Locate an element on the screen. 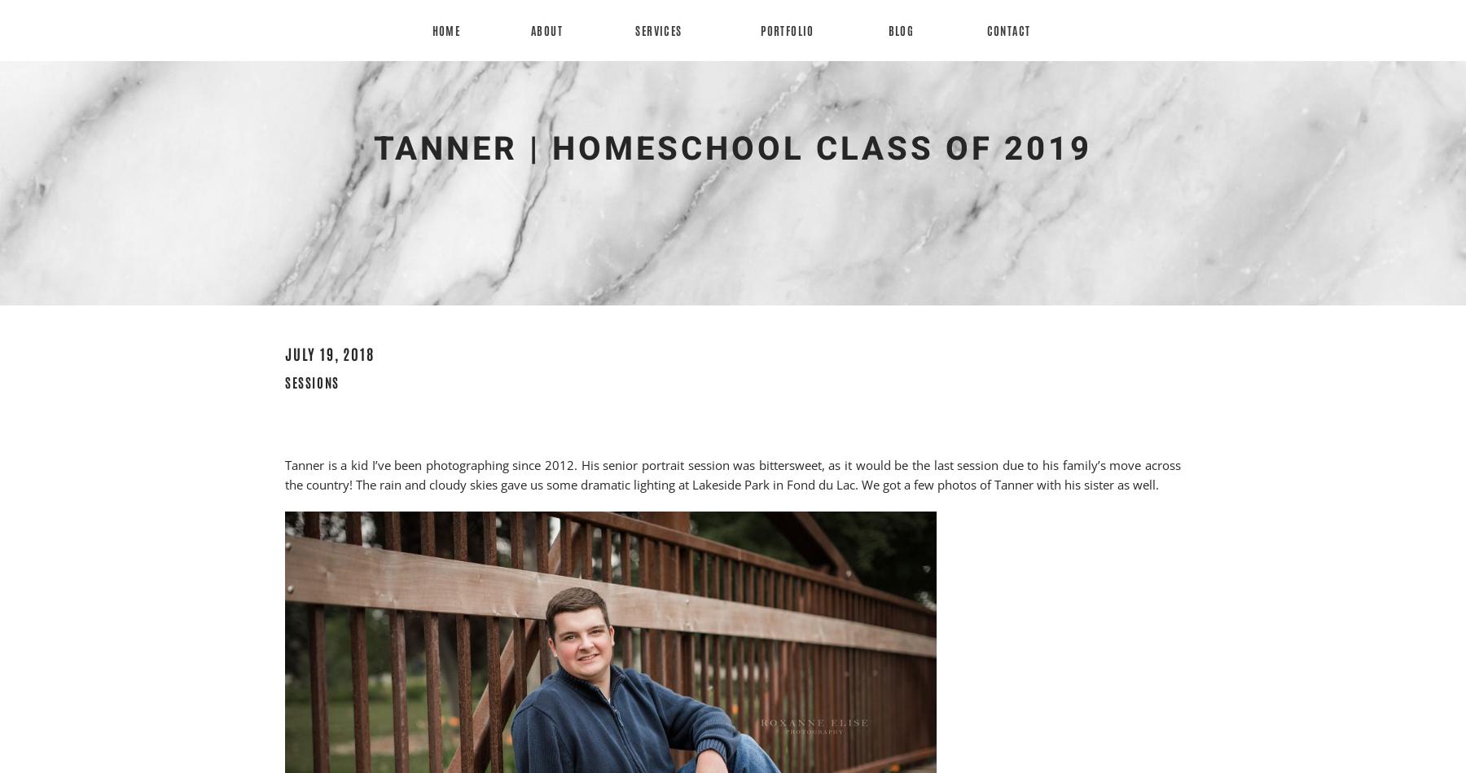  'ABOUT' is located at coordinates (546, 30).